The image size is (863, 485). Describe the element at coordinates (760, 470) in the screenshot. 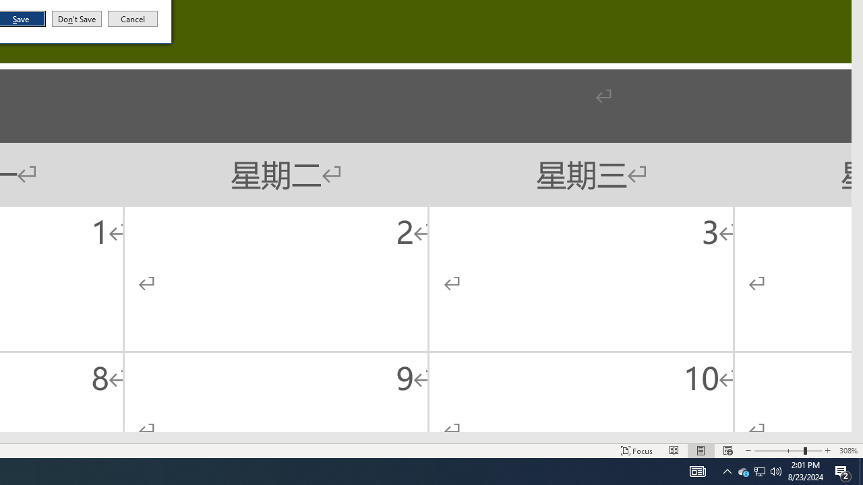

I see `'User Promoted Notification Area'` at that location.